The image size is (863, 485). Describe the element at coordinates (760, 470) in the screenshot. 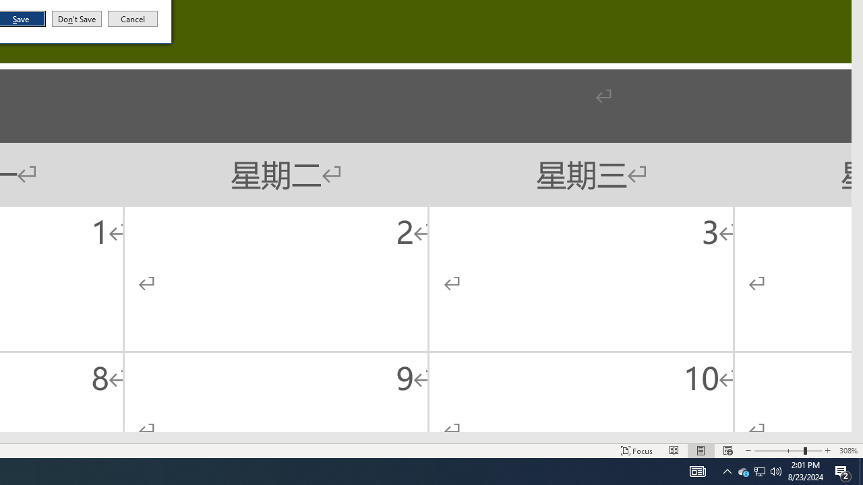

I see `'User Promoted Notification Area'` at that location.